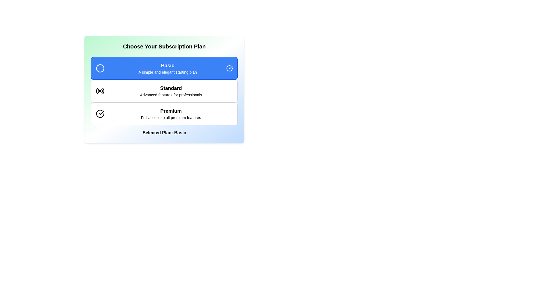 The width and height of the screenshot is (533, 299). I want to click on the selection status icon for the 'Premium' subscription tier, which visually indicates the selection status, so click(100, 114).